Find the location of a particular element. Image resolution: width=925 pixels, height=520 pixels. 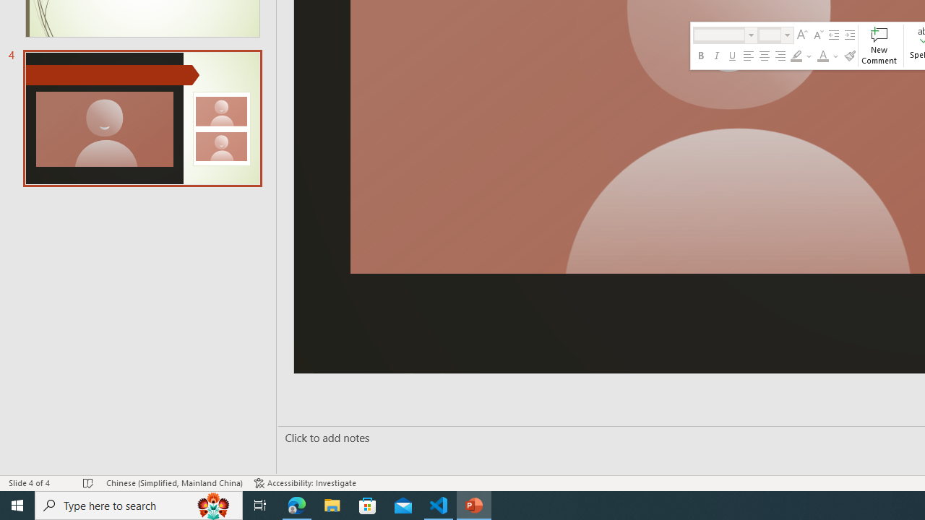

'Class: NetUITextbox' is located at coordinates (769, 34).